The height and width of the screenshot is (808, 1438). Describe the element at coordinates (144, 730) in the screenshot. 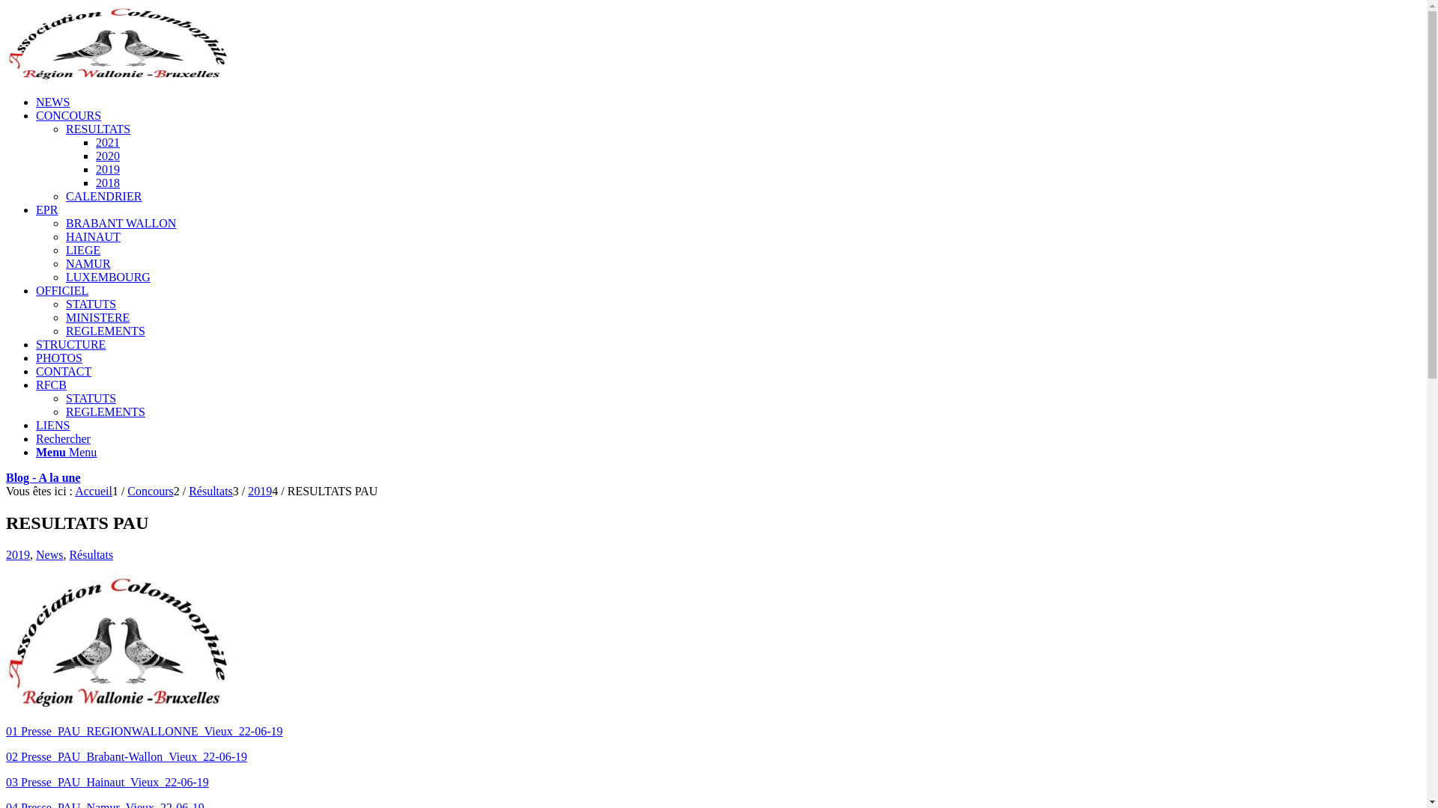

I see `'01 Presse_PAU_REGIONWALLONNE_Vieux_22-06-19'` at that location.